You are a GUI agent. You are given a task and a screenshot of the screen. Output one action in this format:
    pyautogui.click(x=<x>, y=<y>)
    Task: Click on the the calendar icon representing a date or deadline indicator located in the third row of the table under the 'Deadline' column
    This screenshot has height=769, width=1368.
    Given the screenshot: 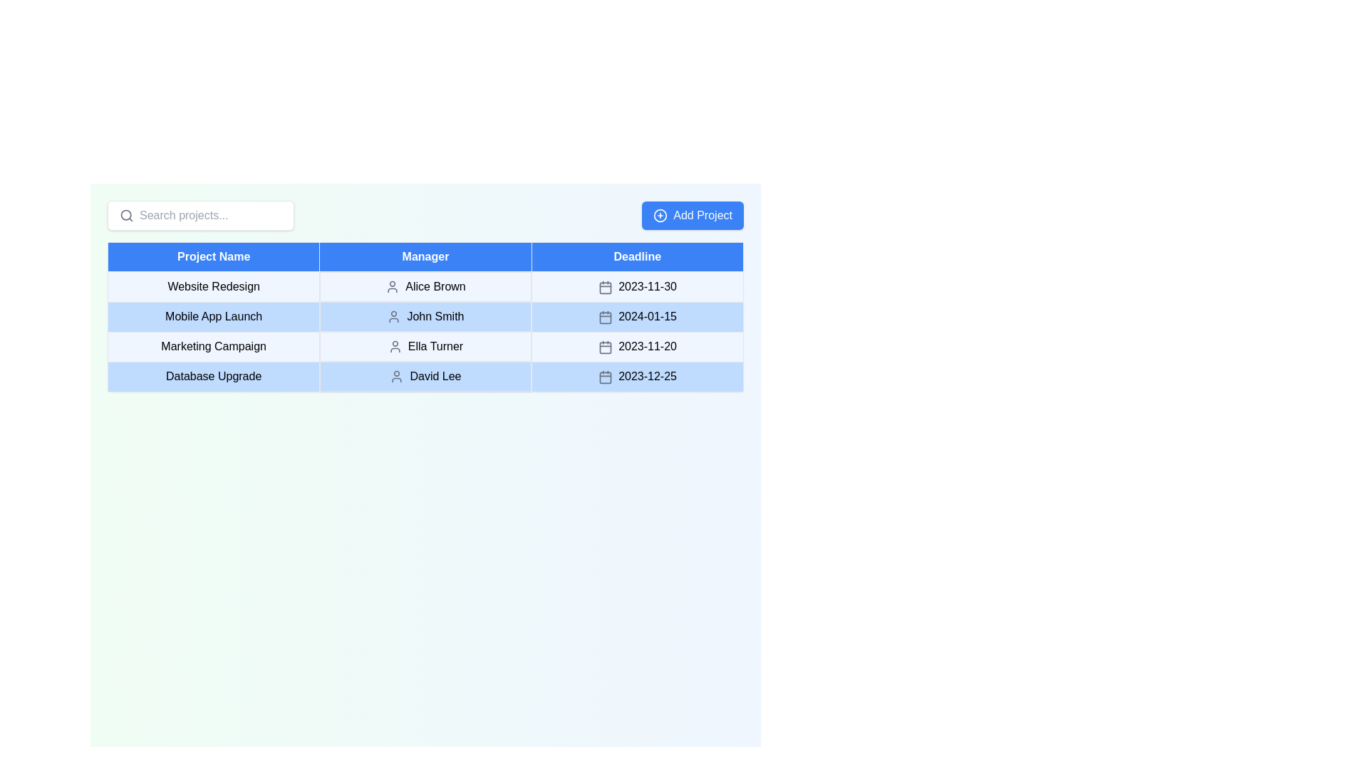 What is the action you would take?
    pyautogui.click(x=605, y=347)
    